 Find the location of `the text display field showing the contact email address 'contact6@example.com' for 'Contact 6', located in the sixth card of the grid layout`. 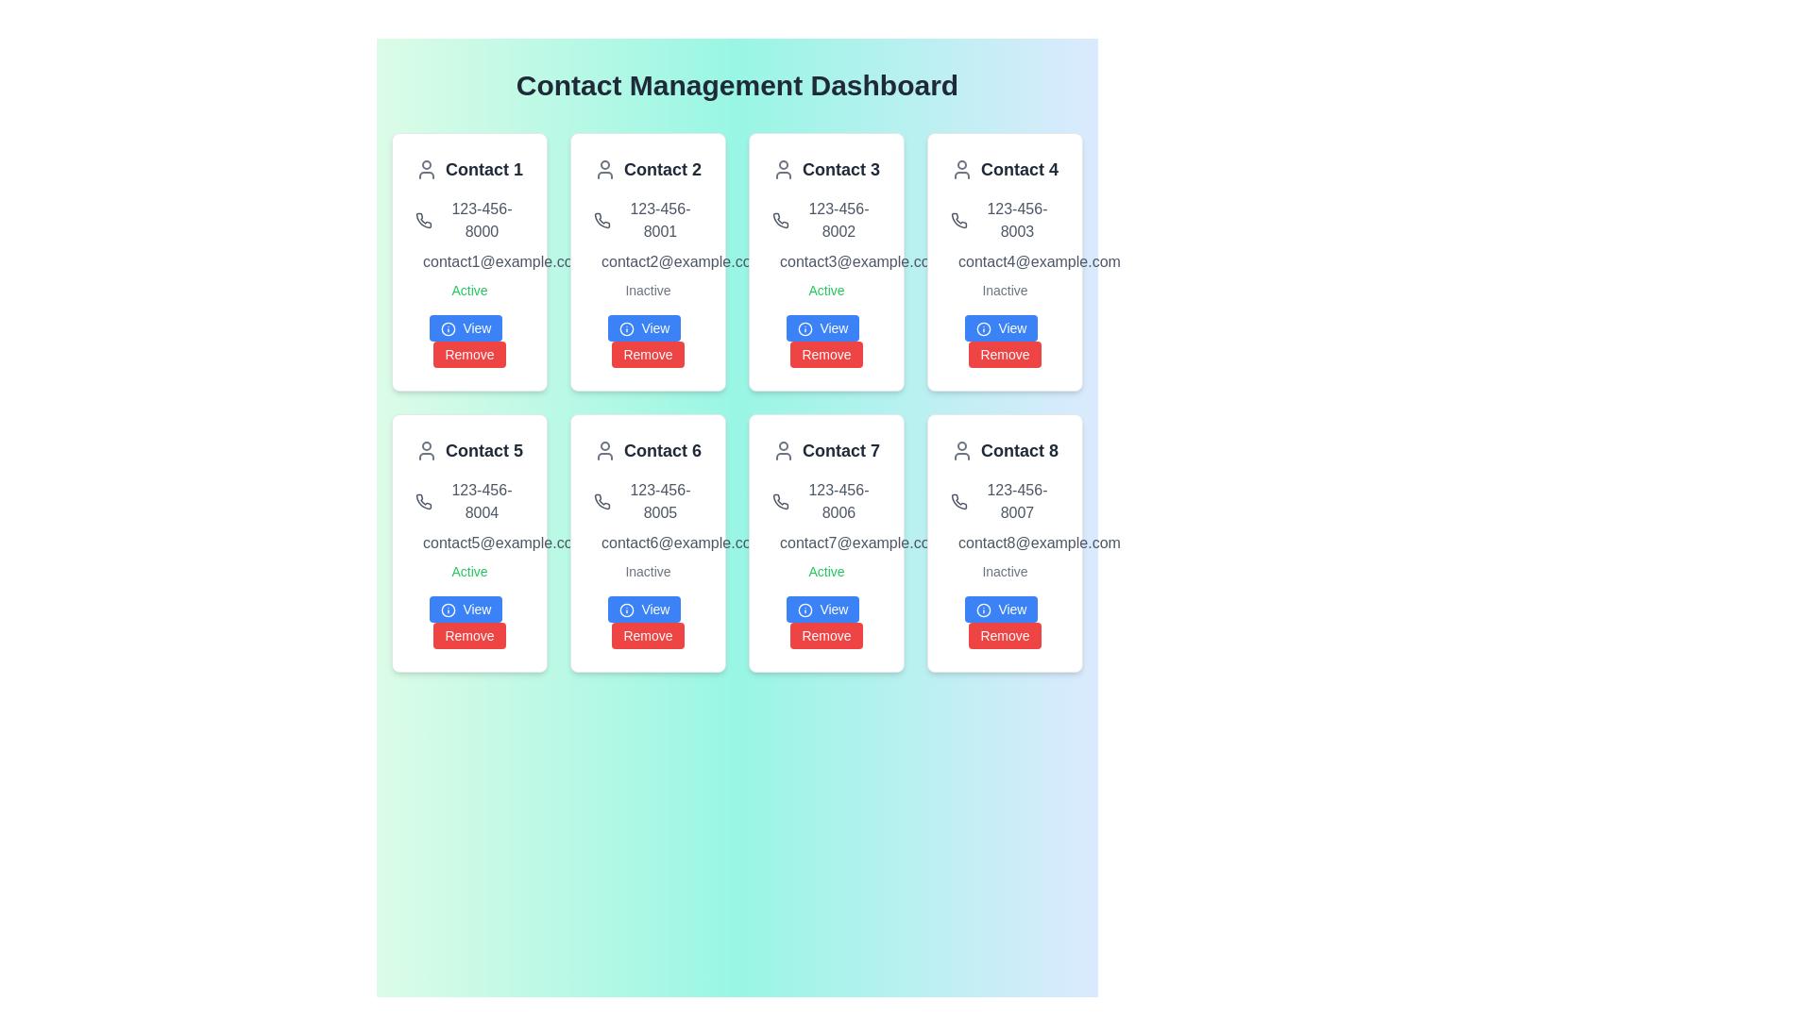

the text display field showing the contact email address 'contact6@example.com' for 'Contact 6', located in the sixth card of the grid layout is located at coordinates (648, 543).